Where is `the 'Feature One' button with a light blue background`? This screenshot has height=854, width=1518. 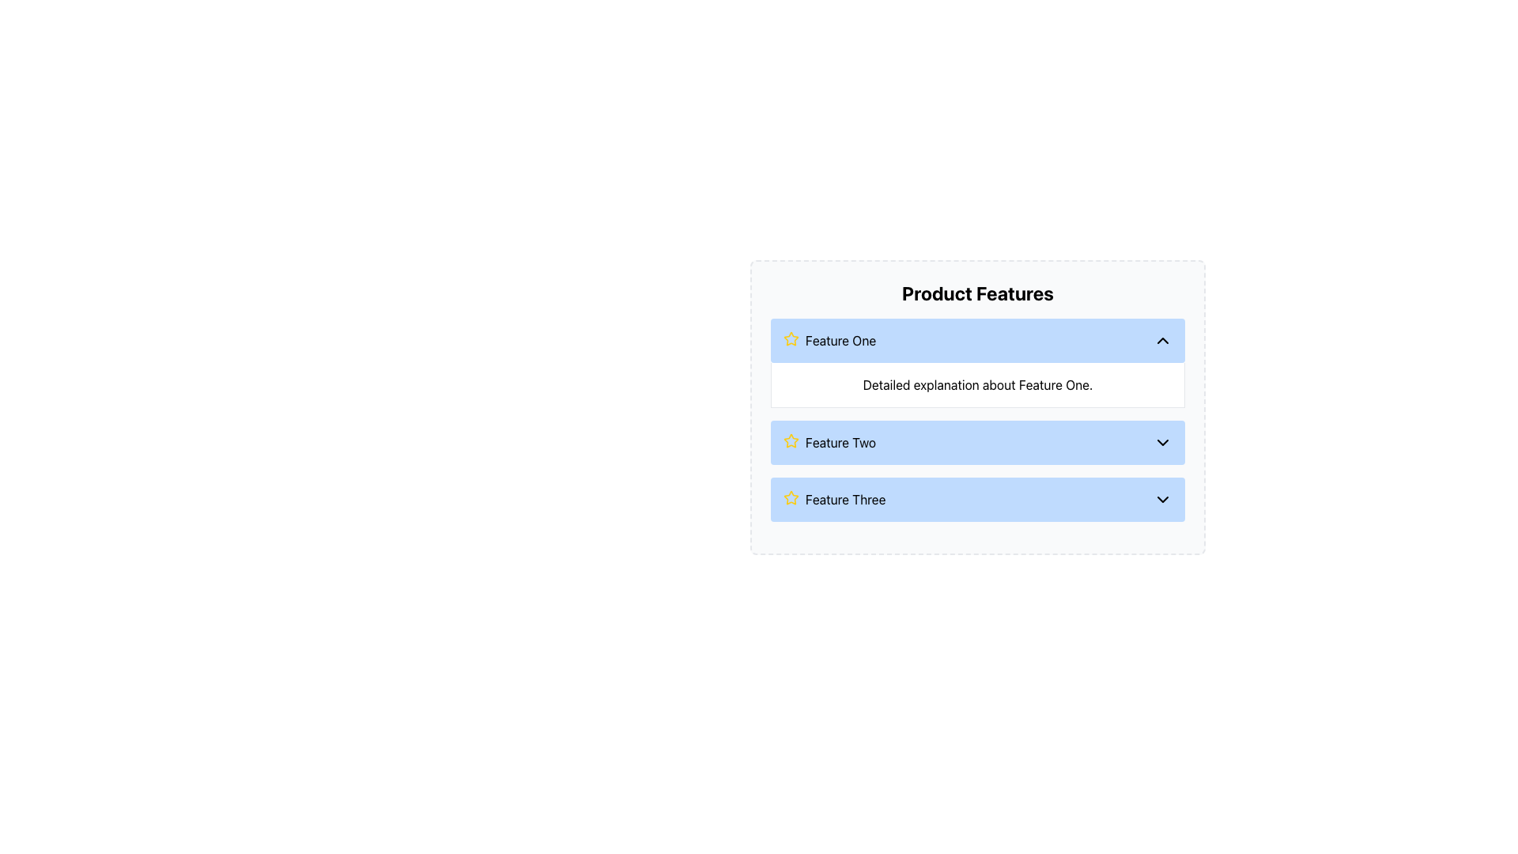
the 'Feature One' button with a light blue background is located at coordinates (977, 340).